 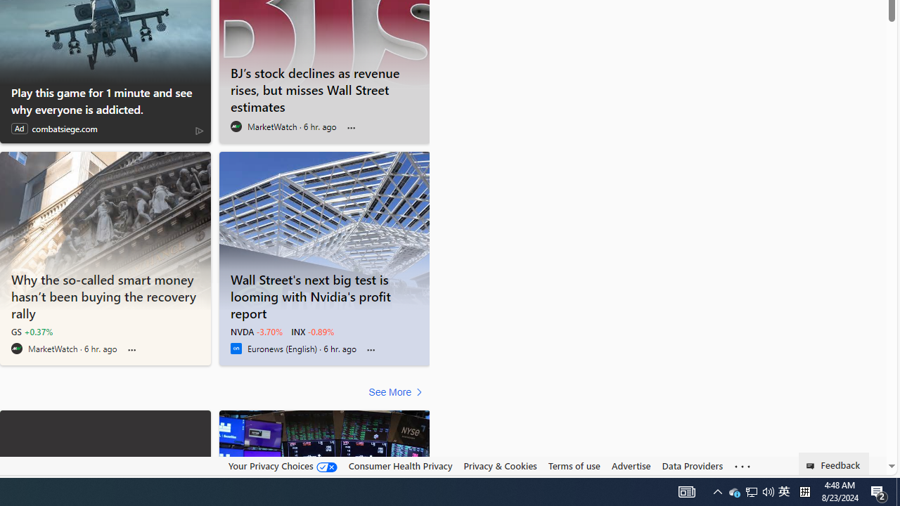 I want to click on 'Privacy & Cookies', so click(x=500, y=465).